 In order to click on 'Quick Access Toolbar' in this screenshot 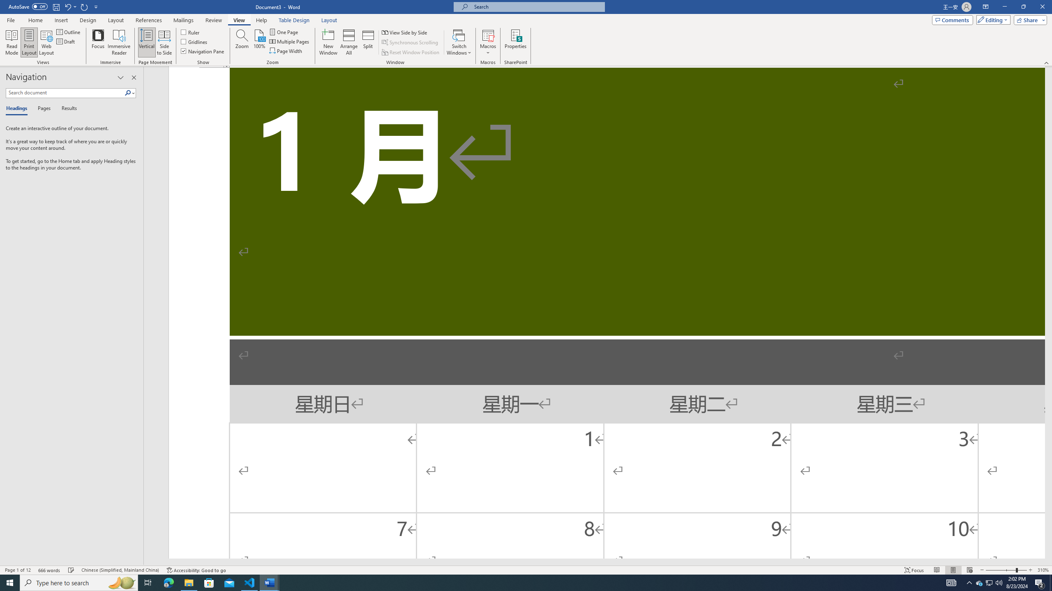, I will do `click(53, 7)`.